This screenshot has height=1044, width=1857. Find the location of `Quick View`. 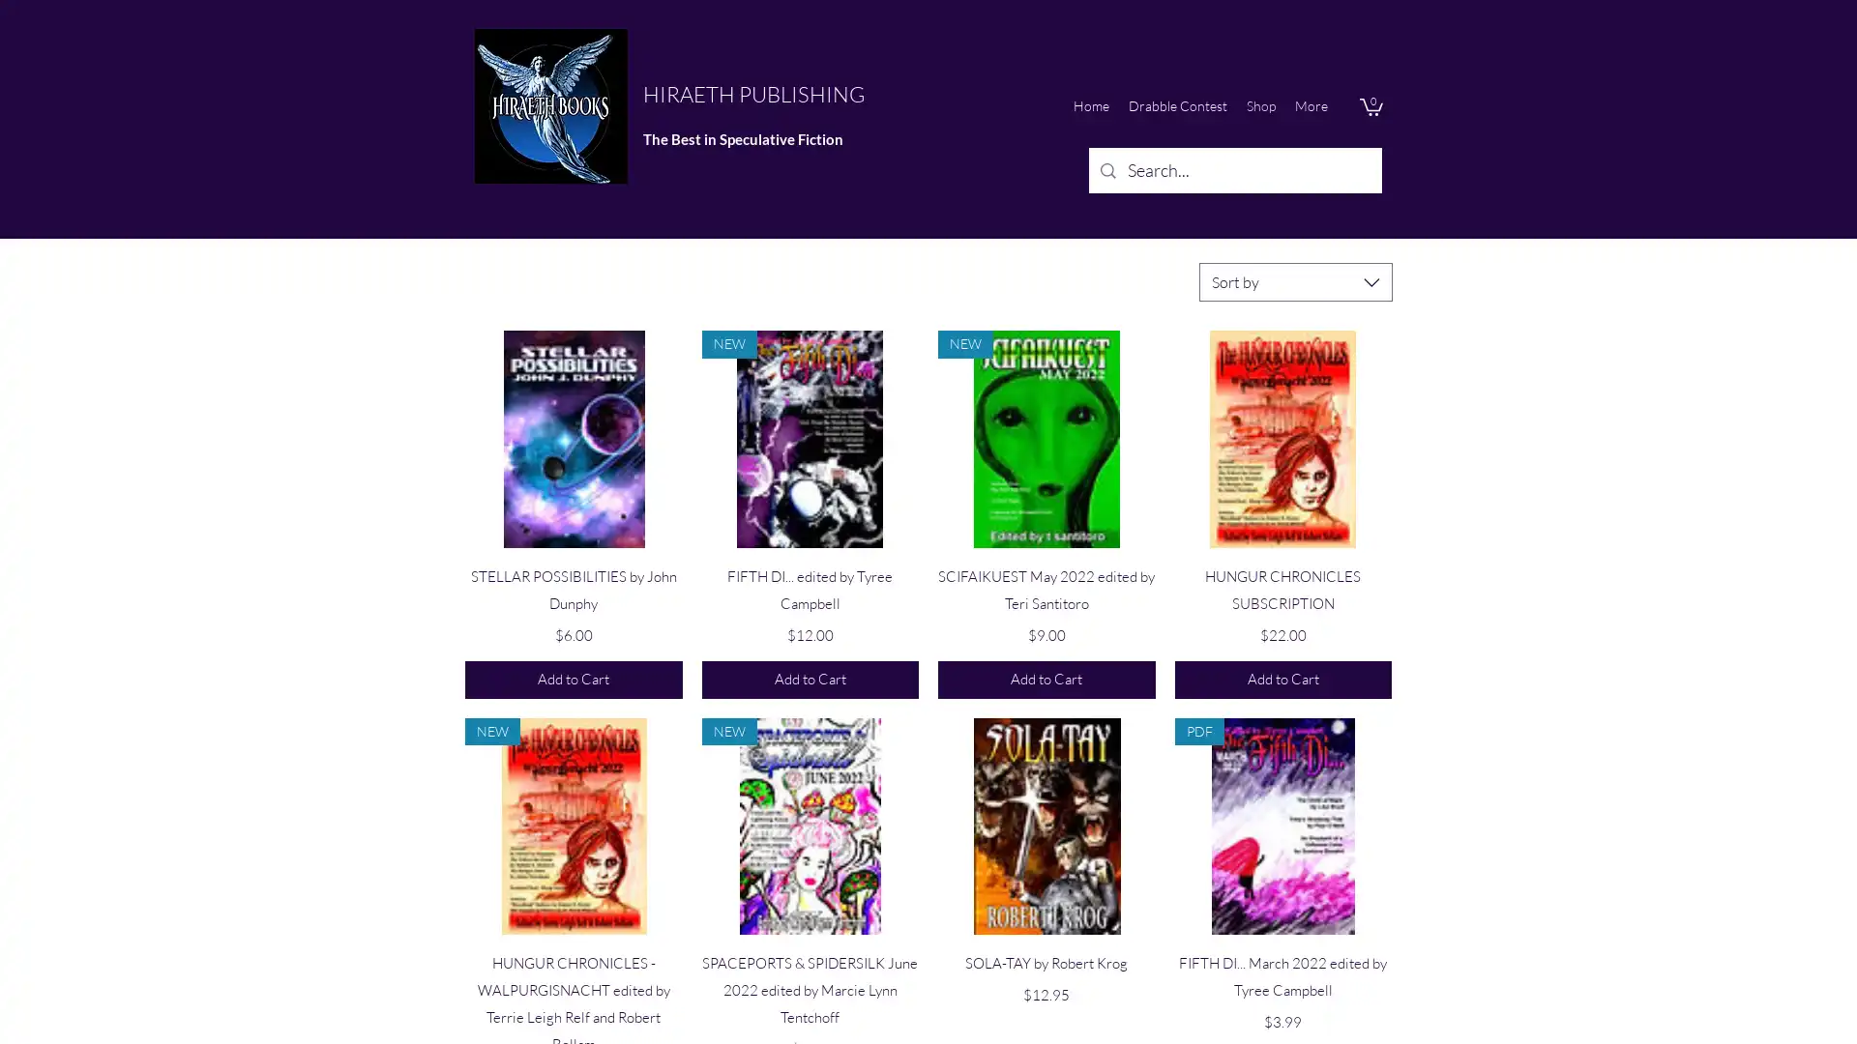

Quick View is located at coordinates (810, 958).